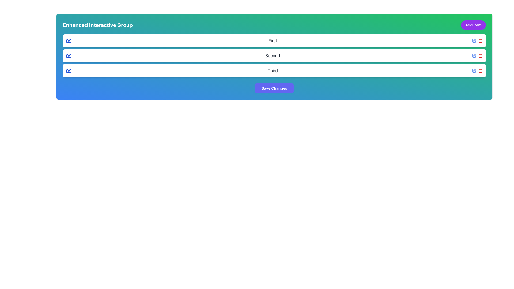  Describe the element at coordinates (98, 25) in the screenshot. I see `heading or title text element located at the left-hand side of the top section of the interface, which provides context for the section below` at that location.